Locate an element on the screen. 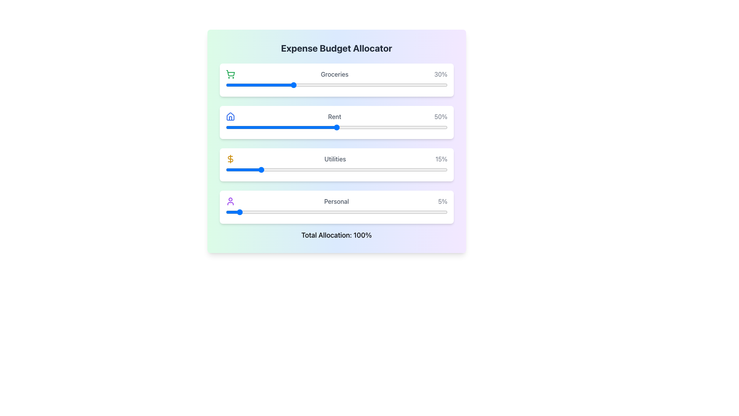 The height and width of the screenshot is (416, 739). door of a house icon associated with the 'Rent' budget allocation, located in the second row of budget allocation sliders is located at coordinates (230, 118).